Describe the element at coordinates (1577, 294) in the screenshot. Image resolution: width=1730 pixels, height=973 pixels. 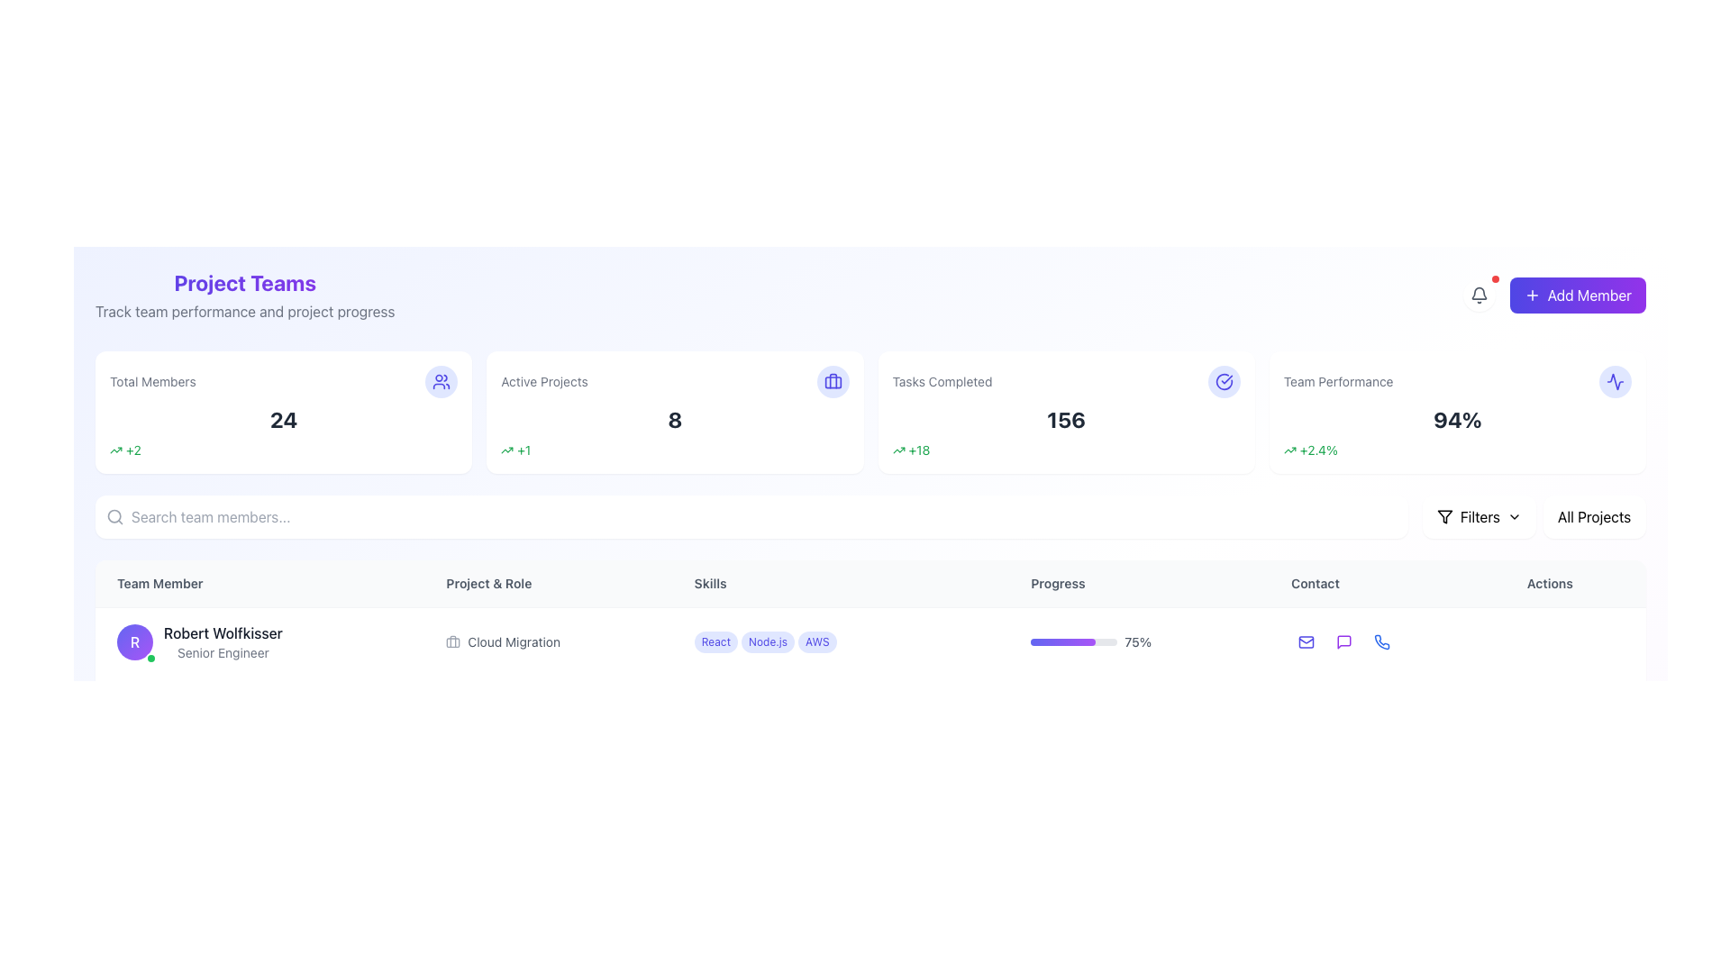
I see `the 'Add Member' button, which is a prominently styled button with a gradient background from indigo to purple, located in the top-right corner of the interface adjacent to a notification button` at that location.